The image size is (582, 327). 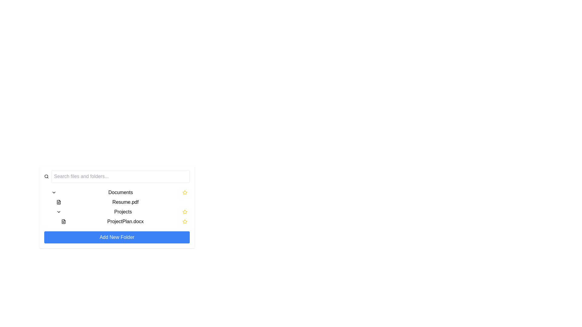 What do you see at coordinates (125, 222) in the screenshot?
I see `the text label representing the selectable file item named 'ProjectPlan.docx' in the file directory` at bounding box center [125, 222].